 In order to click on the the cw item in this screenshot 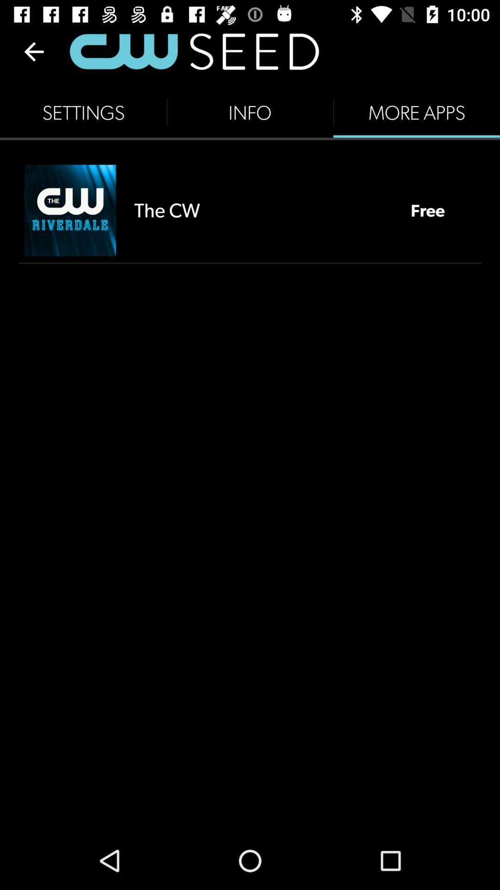, I will do `click(263, 210)`.